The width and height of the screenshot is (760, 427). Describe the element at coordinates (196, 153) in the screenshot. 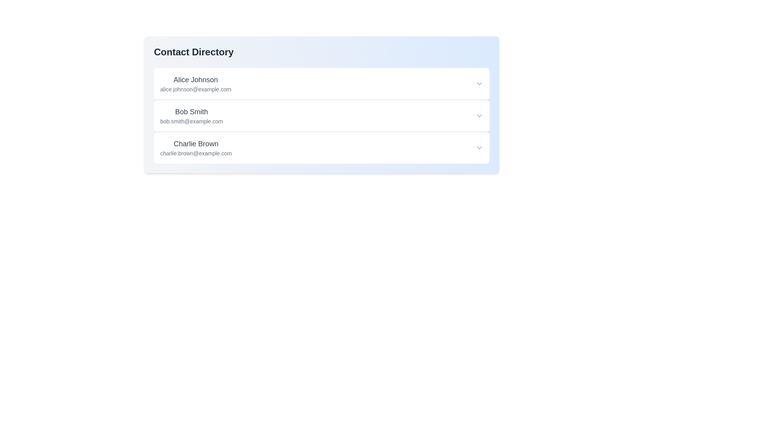

I see `the static text displaying the email address for the contact 'Charlie Brown', located below the name in the third contact card` at that location.